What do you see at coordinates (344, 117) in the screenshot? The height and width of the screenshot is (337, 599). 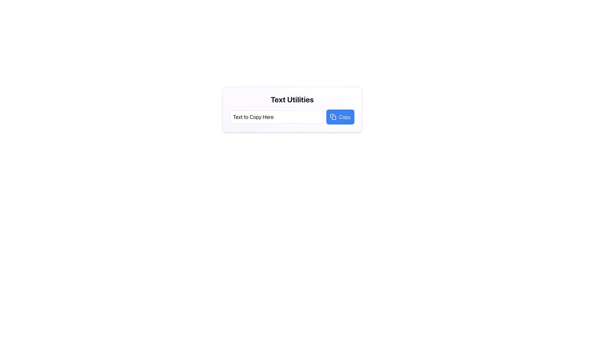 I see `the 'Copy' button located in the interactive panel for text utilities to copy the text` at bounding box center [344, 117].